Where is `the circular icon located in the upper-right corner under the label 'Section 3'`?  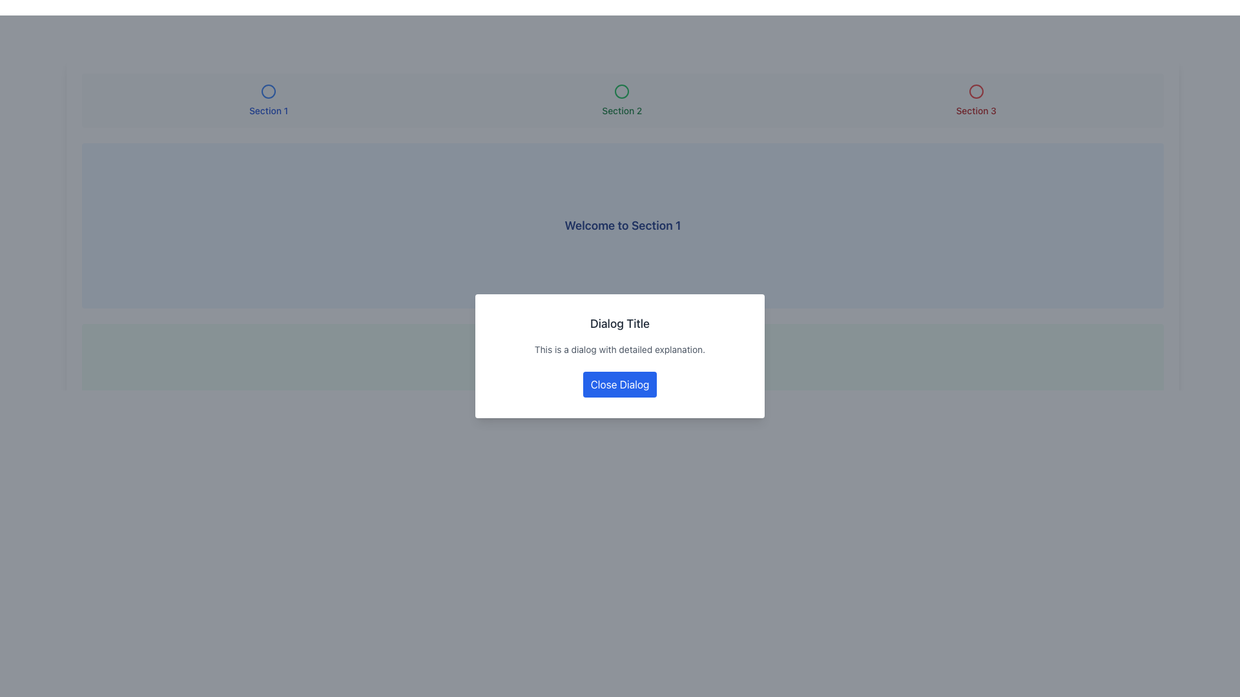
the circular icon located in the upper-right corner under the label 'Section 3' is located at coordinates (976, 91).